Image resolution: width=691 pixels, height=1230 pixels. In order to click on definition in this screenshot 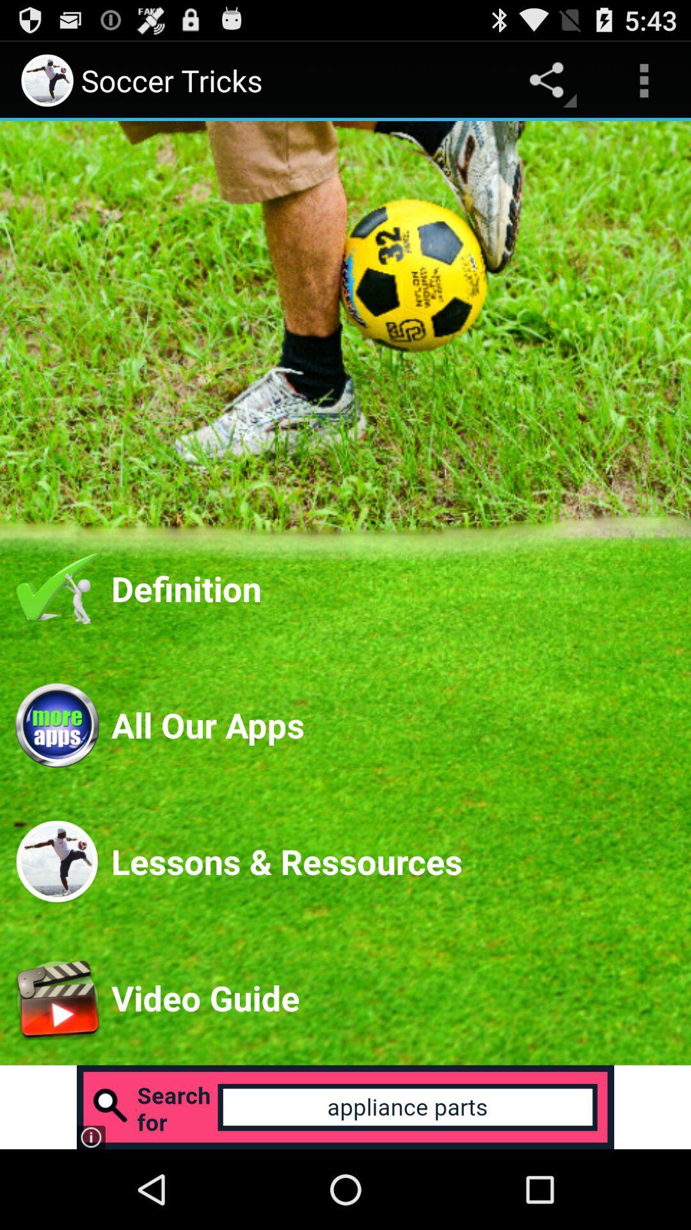, I will do `click(392, 587)`.